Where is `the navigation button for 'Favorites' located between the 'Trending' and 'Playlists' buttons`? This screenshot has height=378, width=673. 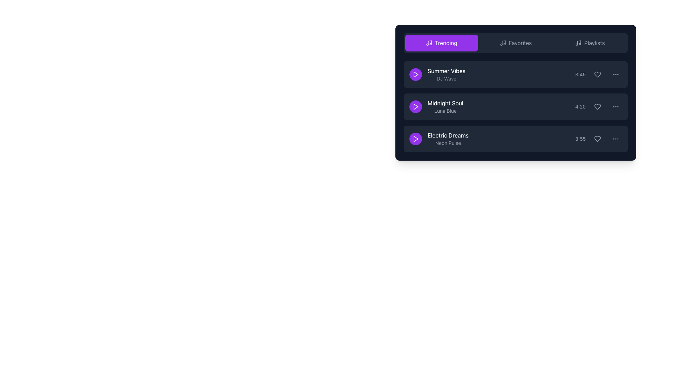 the navigation button for 'Favorites' located between the 'Trending' and 'Playlists' buttons is located at coordinates (516, 43).